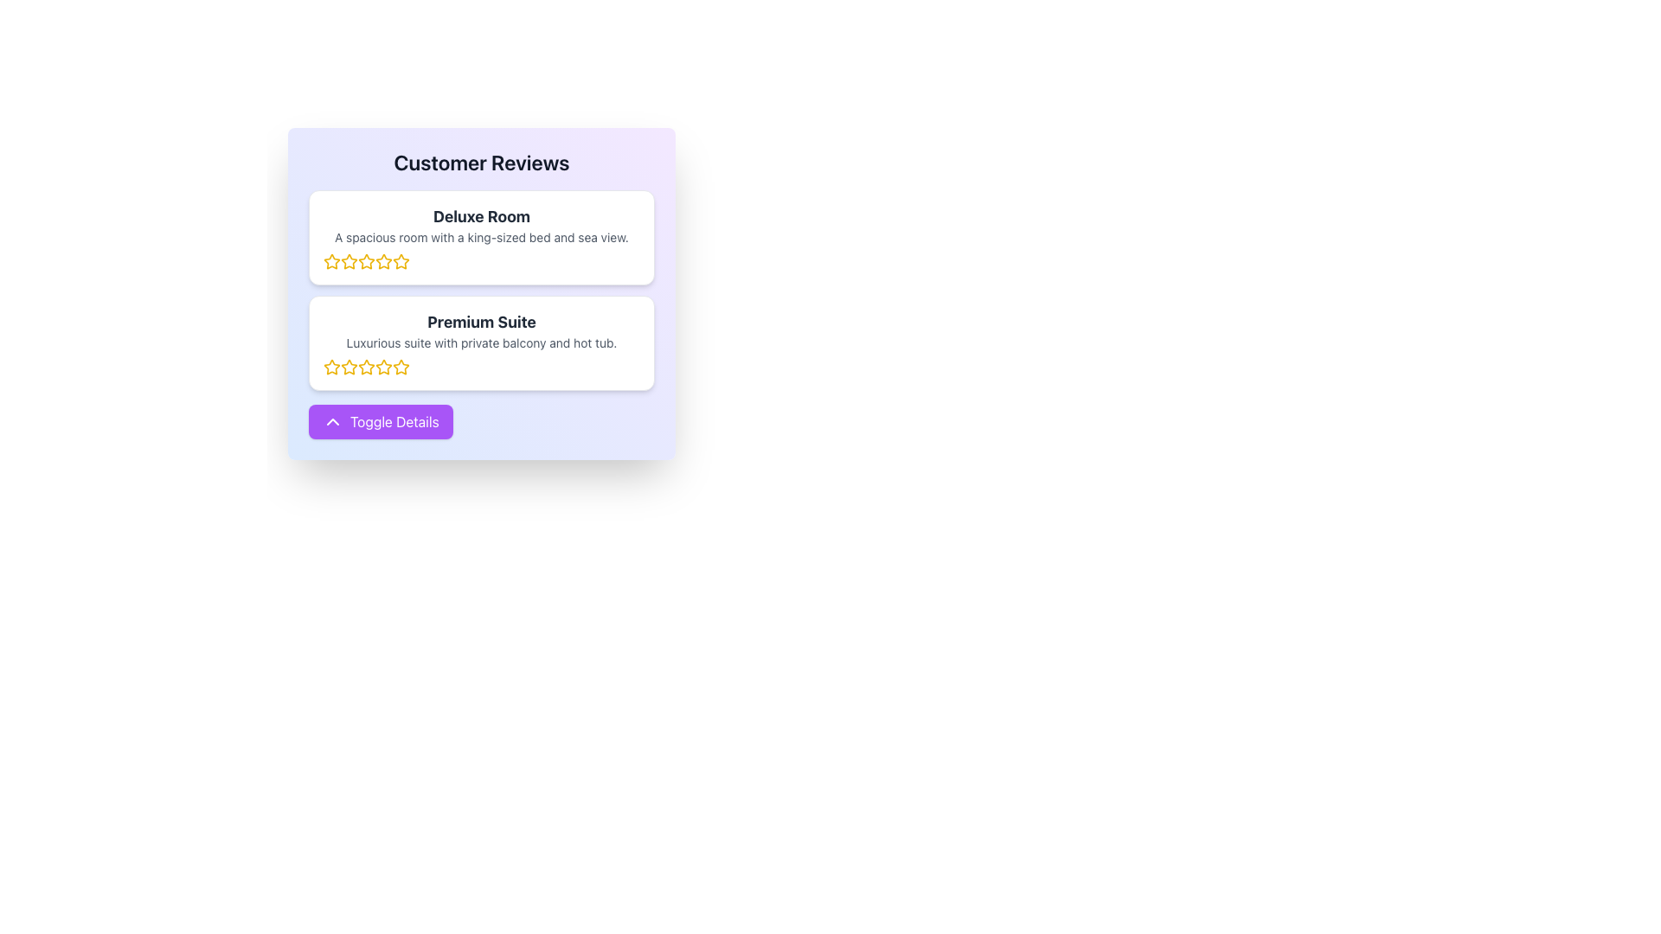 The image size is (1661, 934). I want to click on the third star icon in the rating system under the 'Premium Suite' section, so click(348, 366).